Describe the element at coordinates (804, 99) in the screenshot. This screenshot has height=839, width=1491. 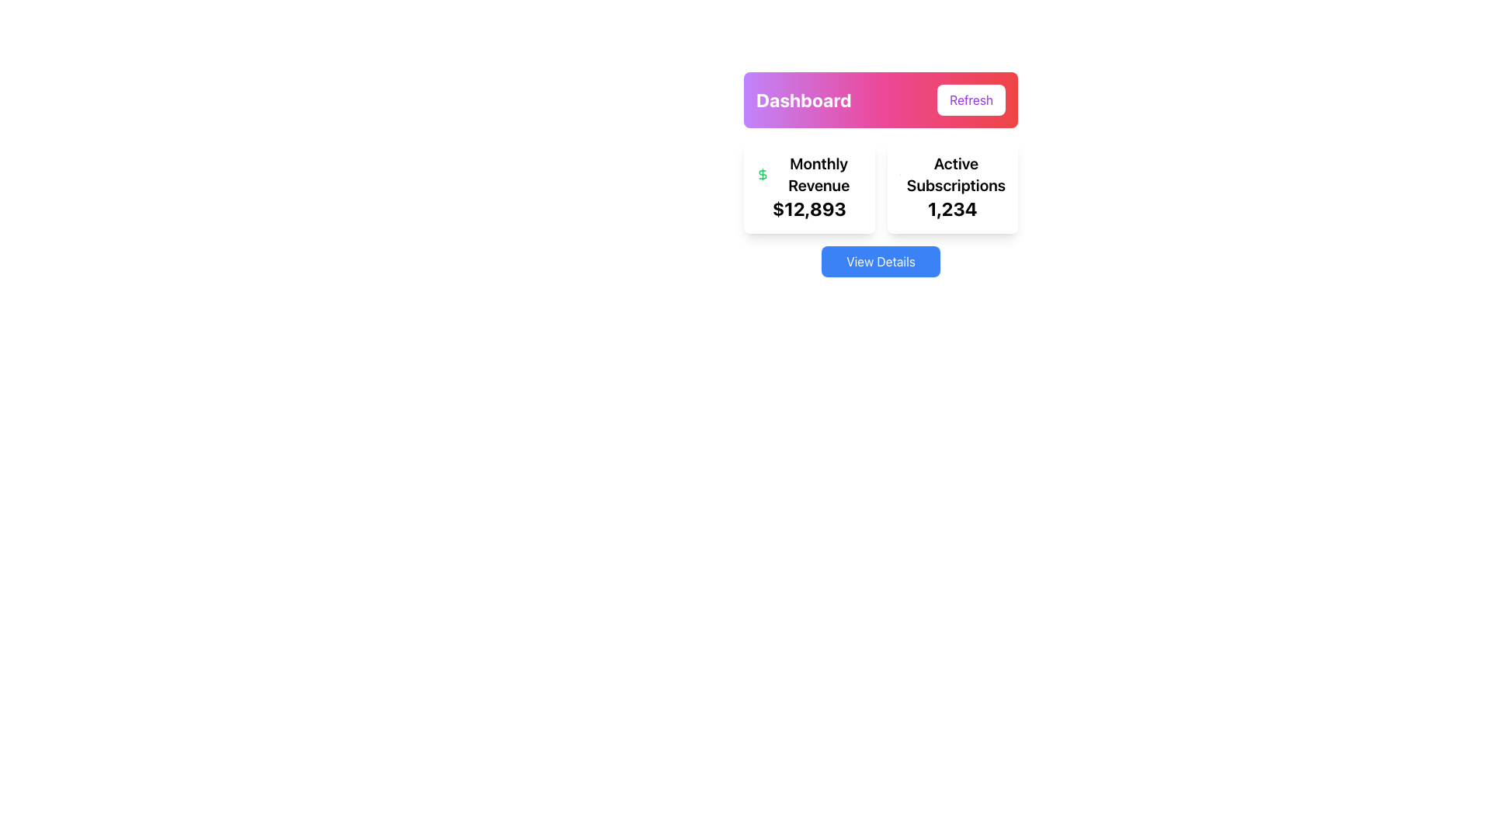
I see `the static text label that serves as a title or header, located to the left of the 'Refresh' button, within the top purple-to-red gradient box` at that location.